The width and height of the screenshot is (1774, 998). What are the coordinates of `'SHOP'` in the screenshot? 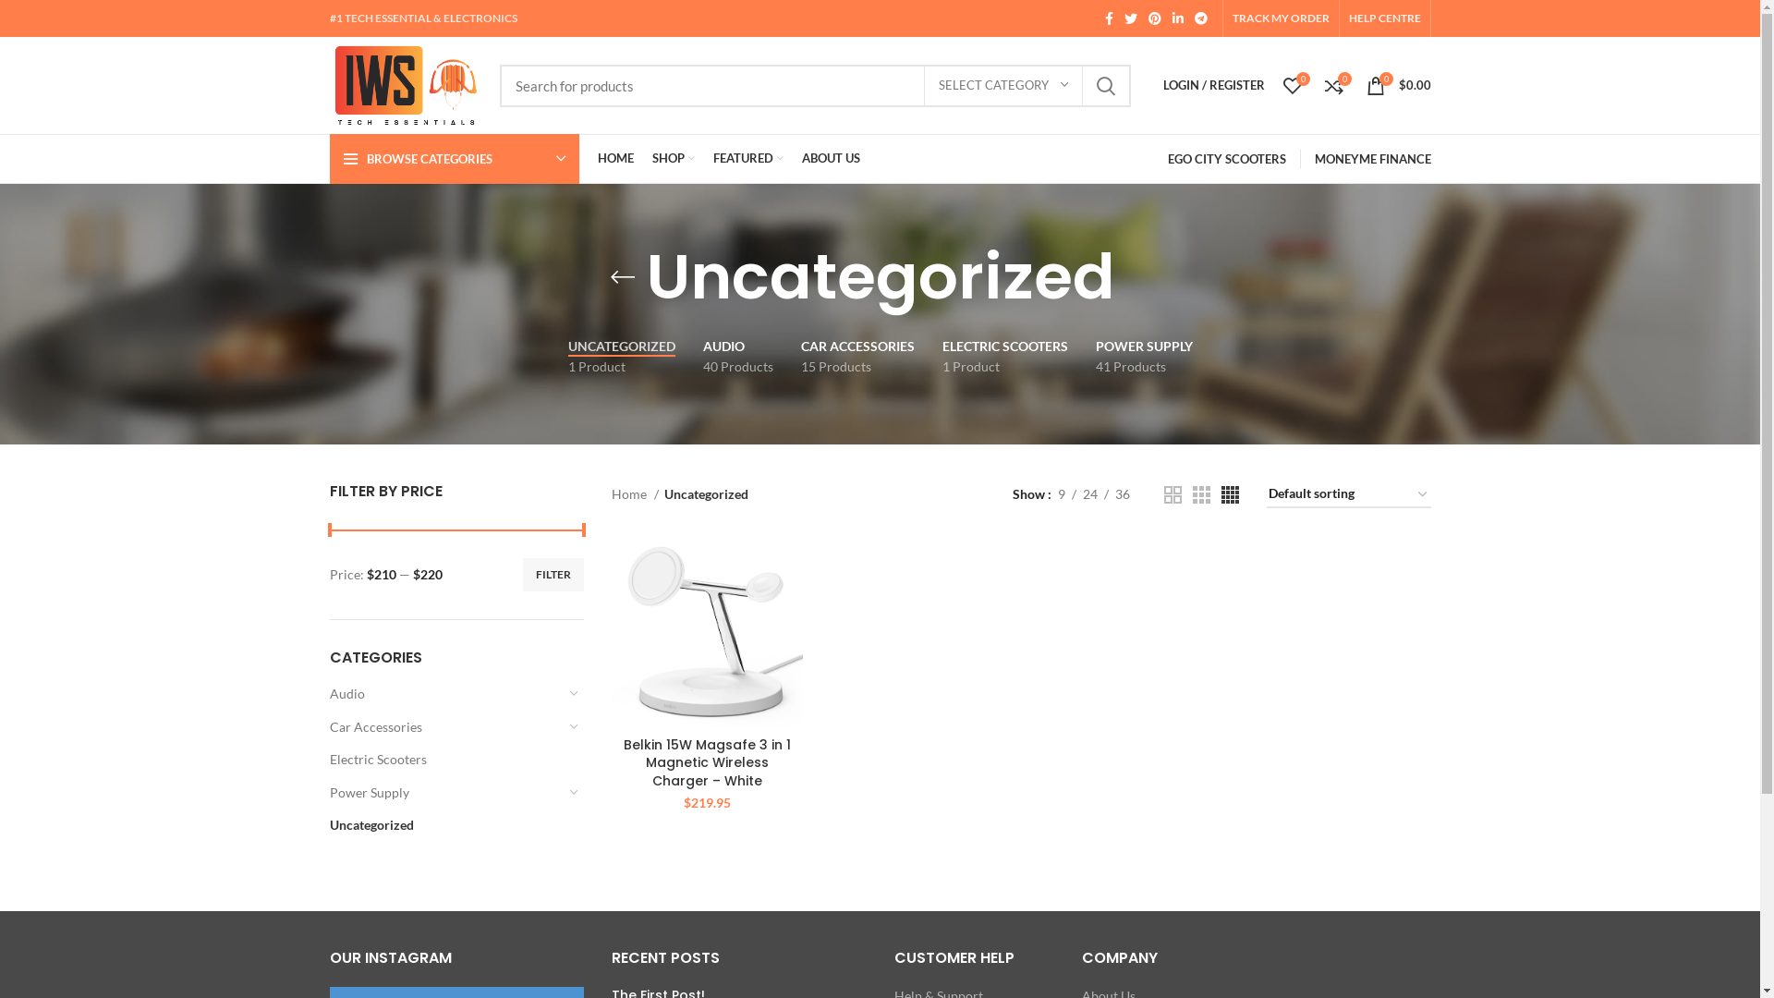 It's located at (643, 158).